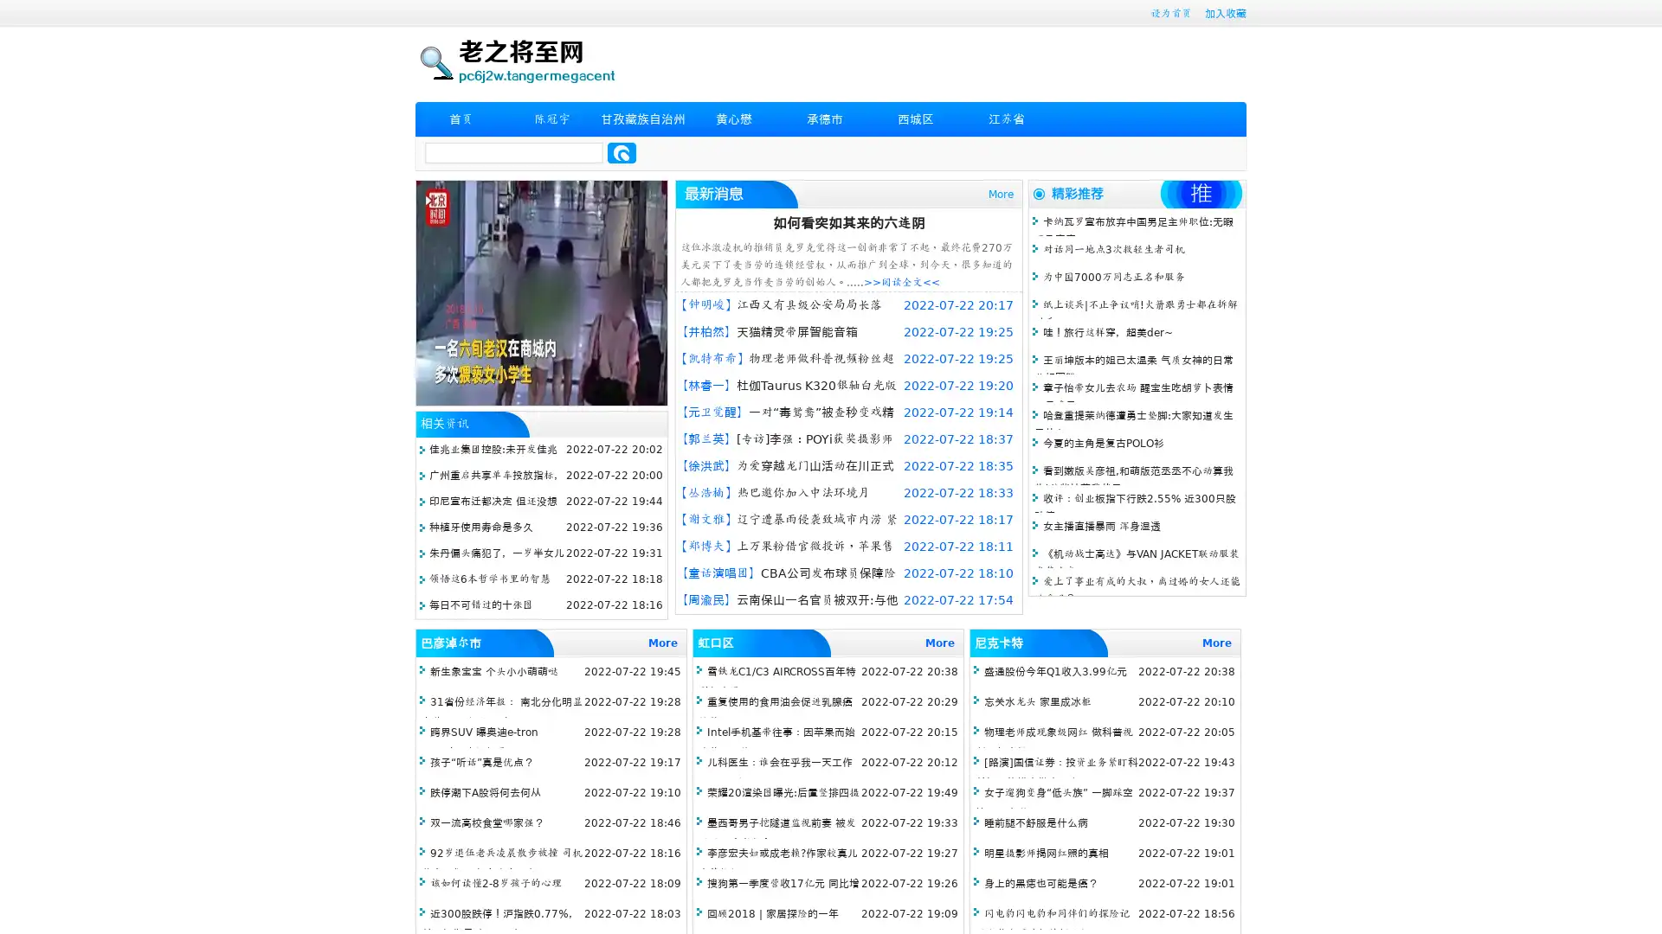 This screenshot has height=934, width=1662. I want to click on Search, so click(622, 152).